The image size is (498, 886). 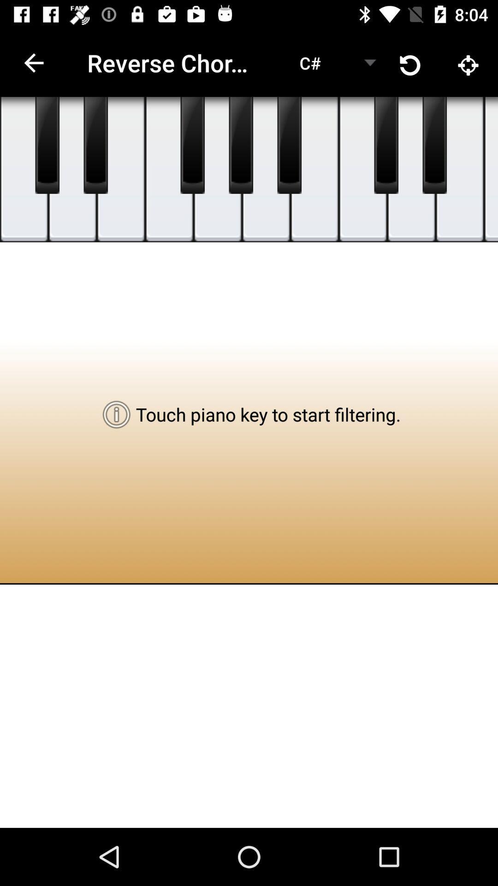 I want to click on natural note, so click(x=411, y=169).